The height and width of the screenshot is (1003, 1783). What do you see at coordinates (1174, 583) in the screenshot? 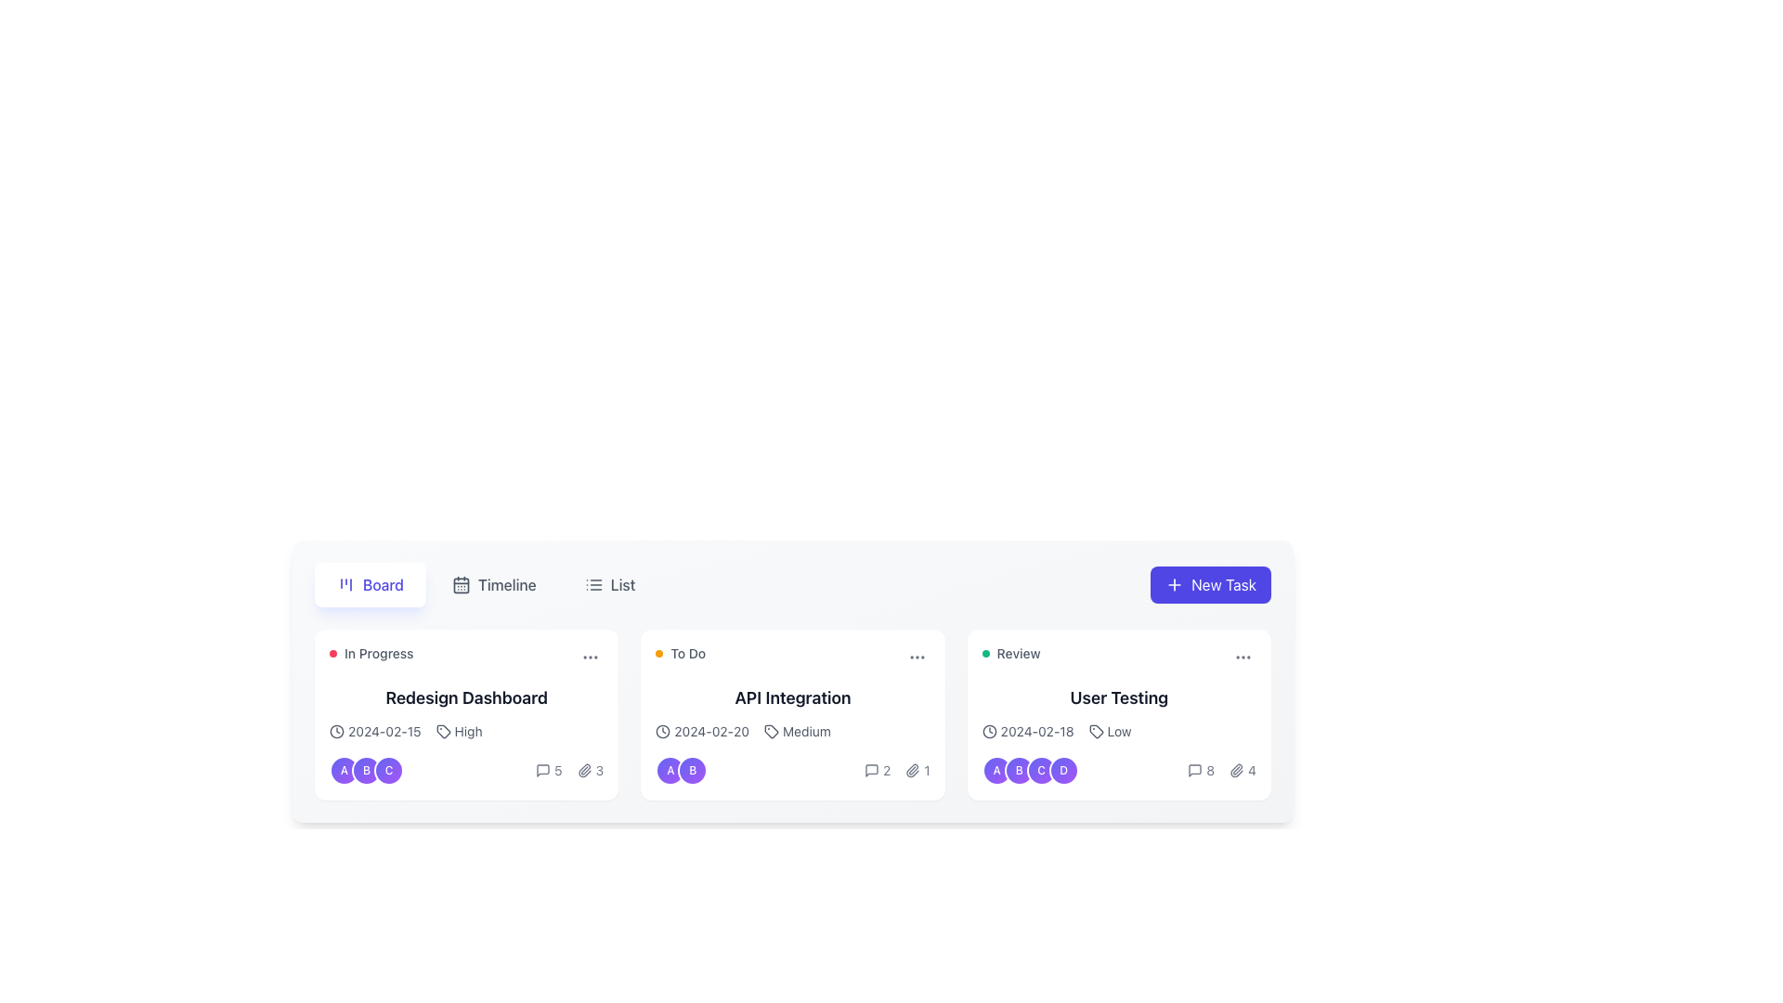
I see `the plus sign icon within the purple rounded rectangular button labeled 'New Task' located in the top-right corner of the task management interface` at bounding box center [1174, 583].